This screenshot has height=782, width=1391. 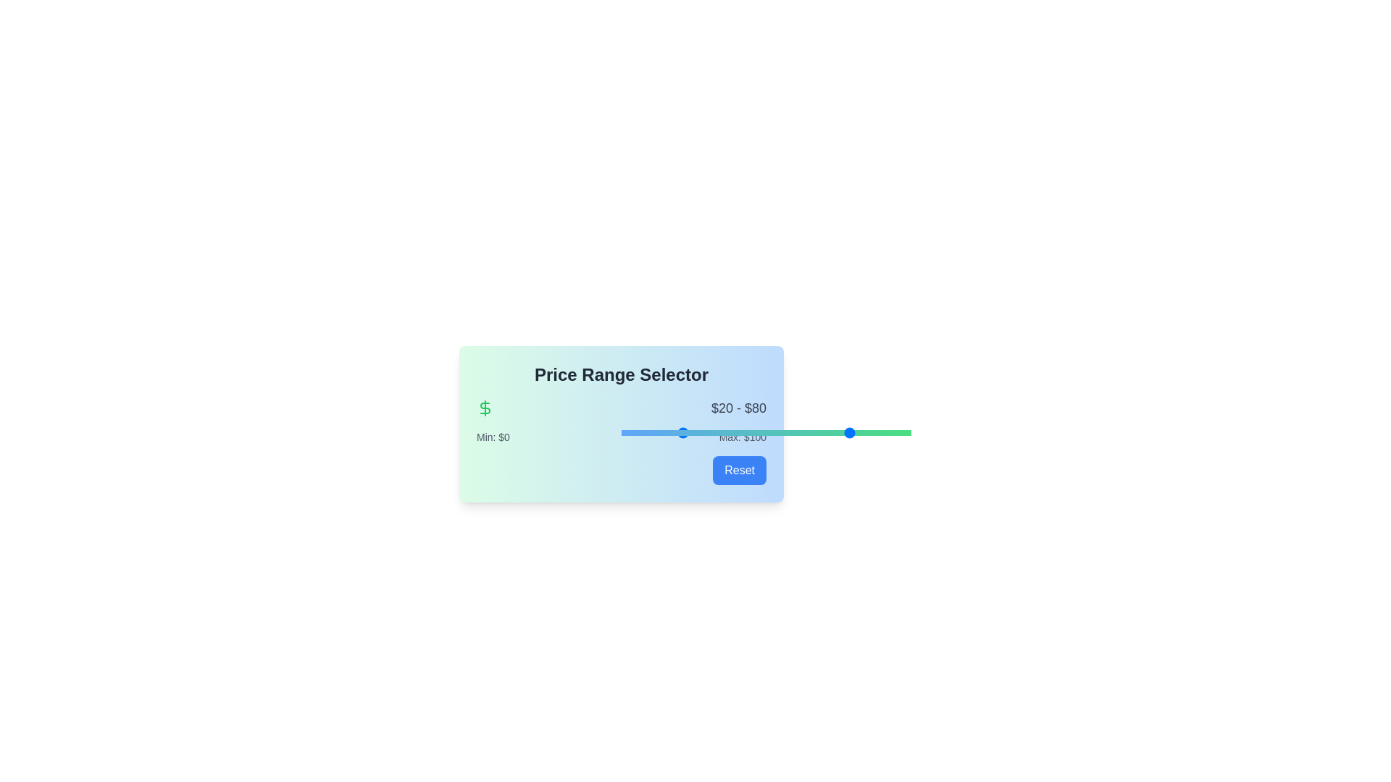 What do you see at coordinates (653, 432) in the screenshot?
I see `the slider` at bounding box center [653, 432].